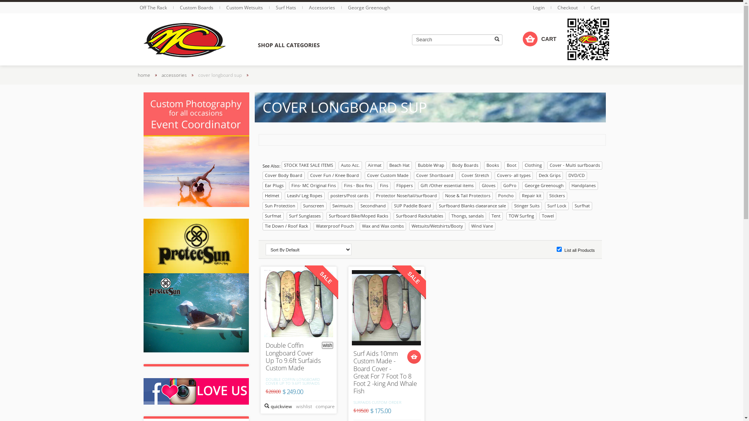  I want to click on 'Custom Boards', so click(197, 7).